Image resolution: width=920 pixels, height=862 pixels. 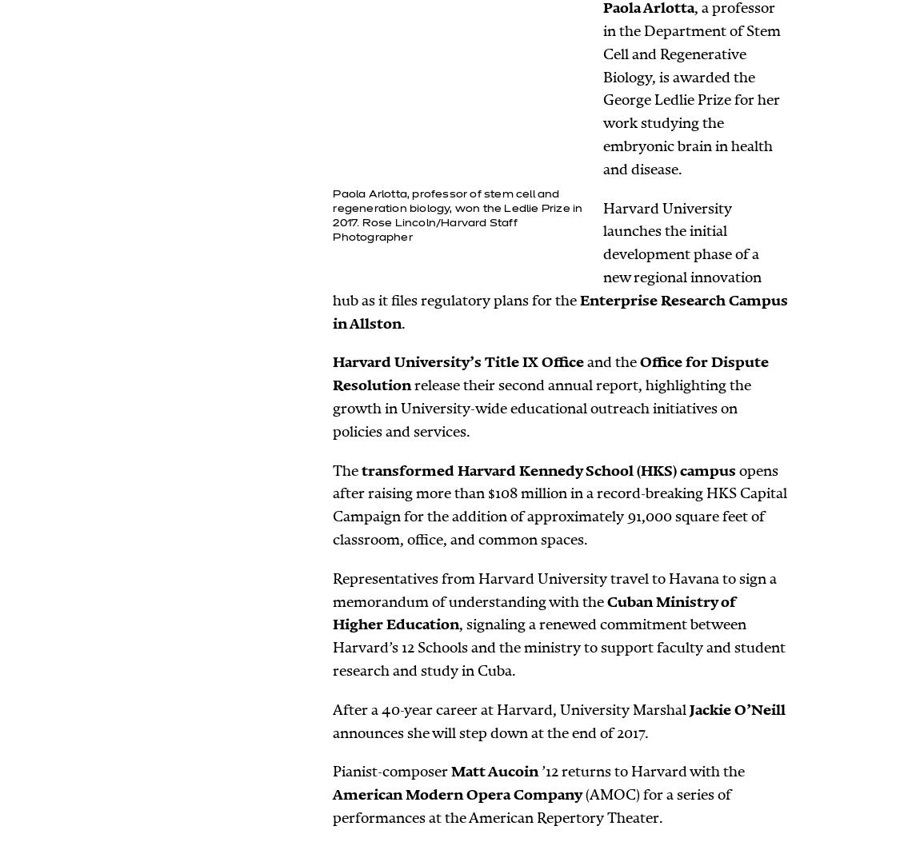 What do you see at coordinates (559, 310) in the screenshot?
I see `'Enterprise Research Campus in Allston'` at bounding box center [559, 310].